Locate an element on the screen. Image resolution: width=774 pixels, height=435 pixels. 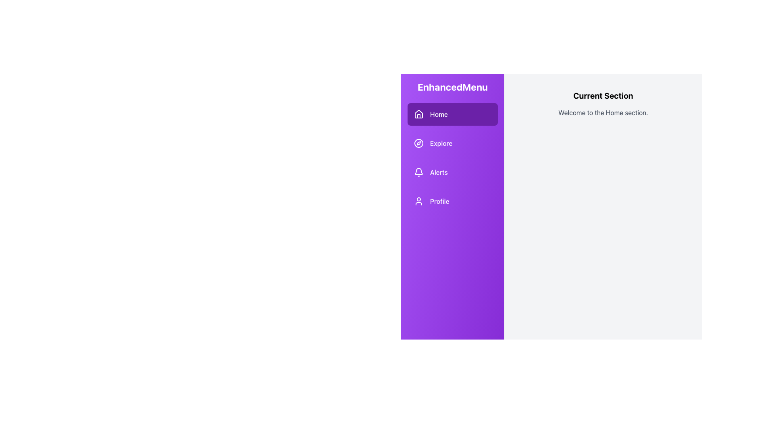
and comprehend the 'Explore' text label displayed in the sidebar navigation, which is styled with a medium font weight and is positioned between 'Home' and 'Alerts' is located at coordinates (441, 143).